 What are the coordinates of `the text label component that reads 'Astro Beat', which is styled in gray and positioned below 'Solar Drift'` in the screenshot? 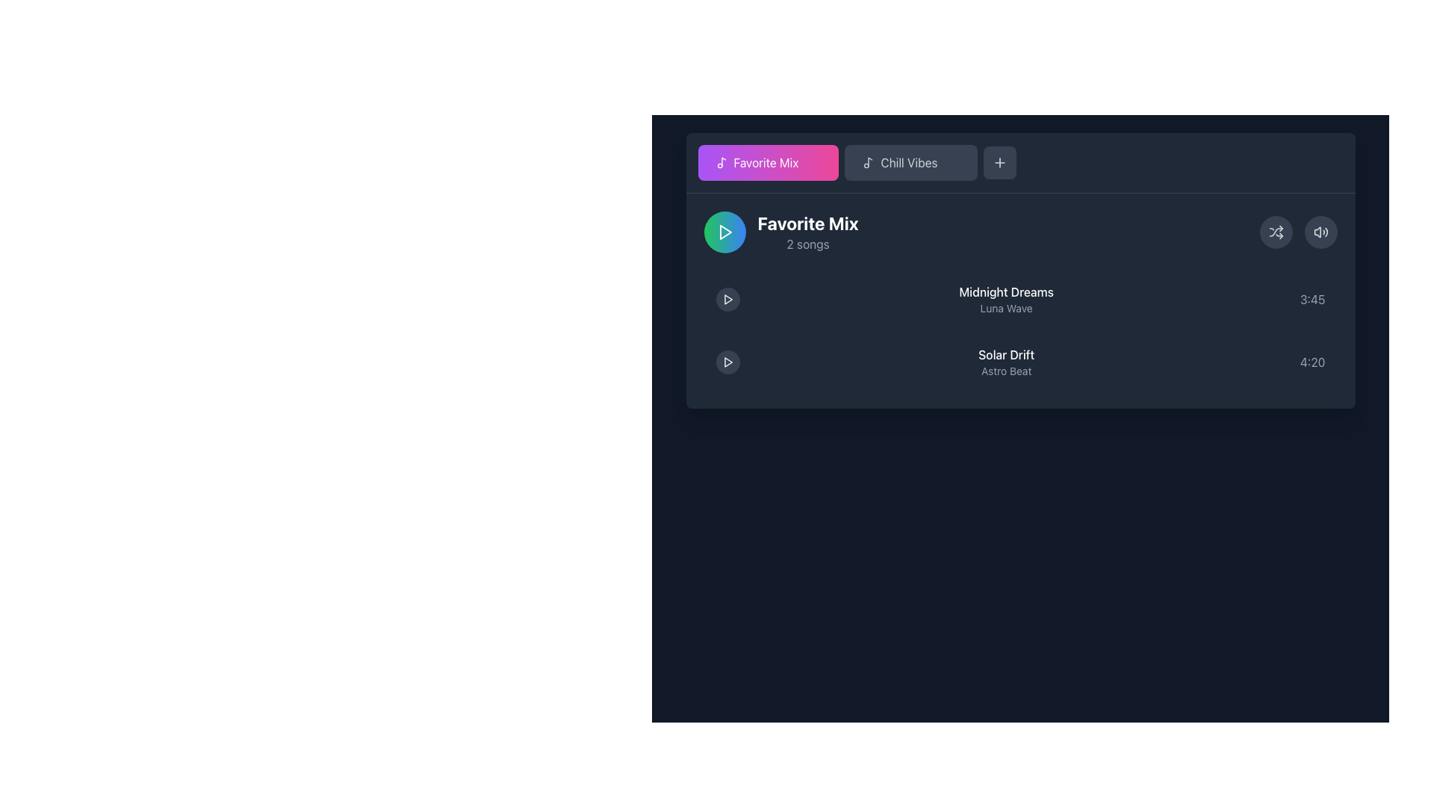 It's located at (1006, 371).